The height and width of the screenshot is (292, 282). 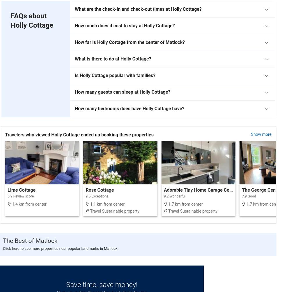 I want to click on '1.1 km from center', so click(x=107, y=203).